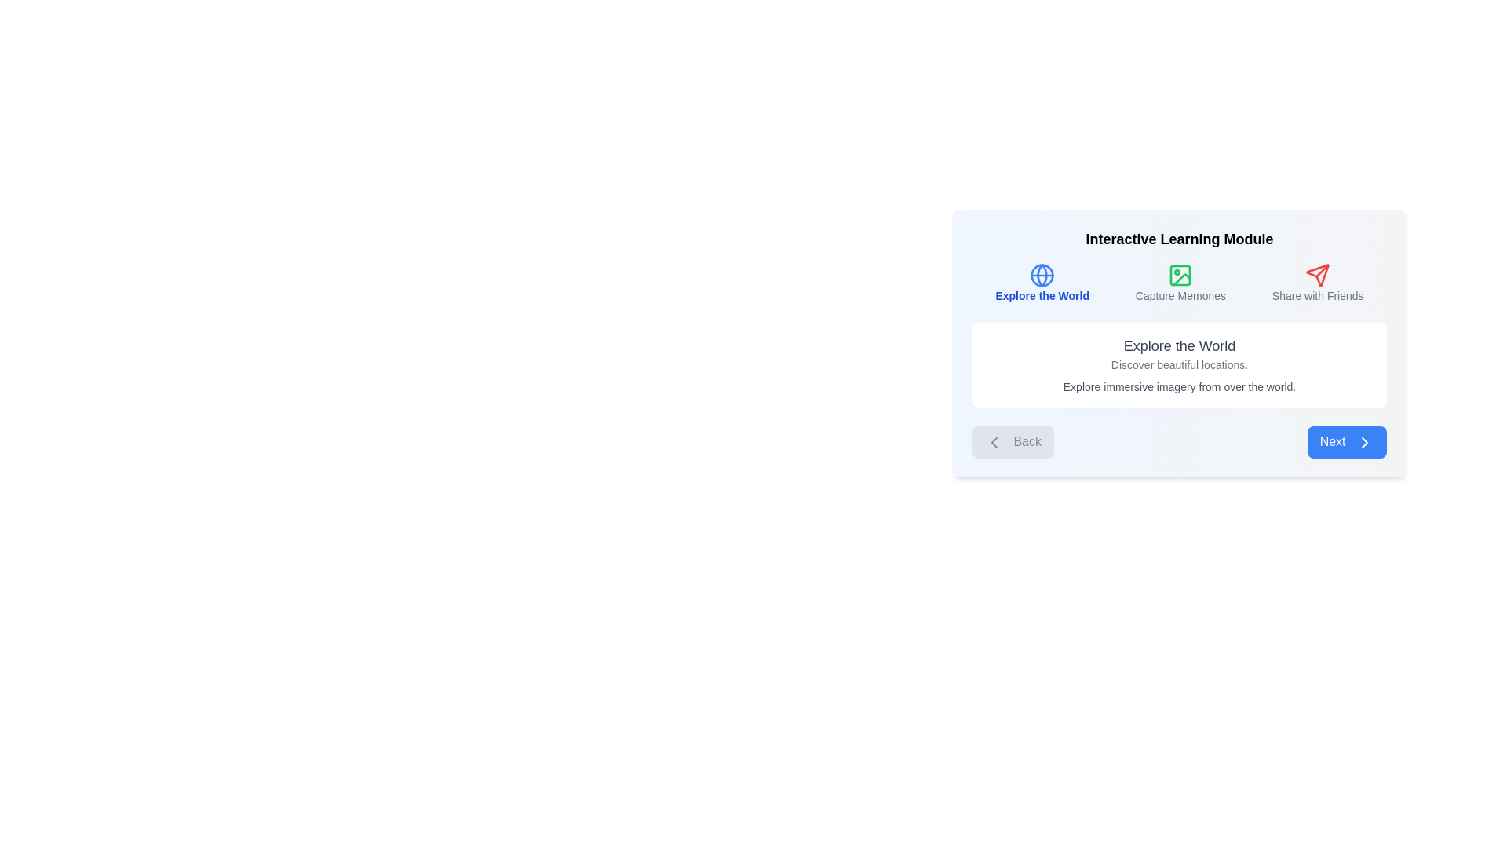 The image size is (1507, 848). I want to click on the icon that serves as a visual indicator for accessing the 'Explore the World' feature, located on the leftmost side of the navigation panel, so click(1042, 275).